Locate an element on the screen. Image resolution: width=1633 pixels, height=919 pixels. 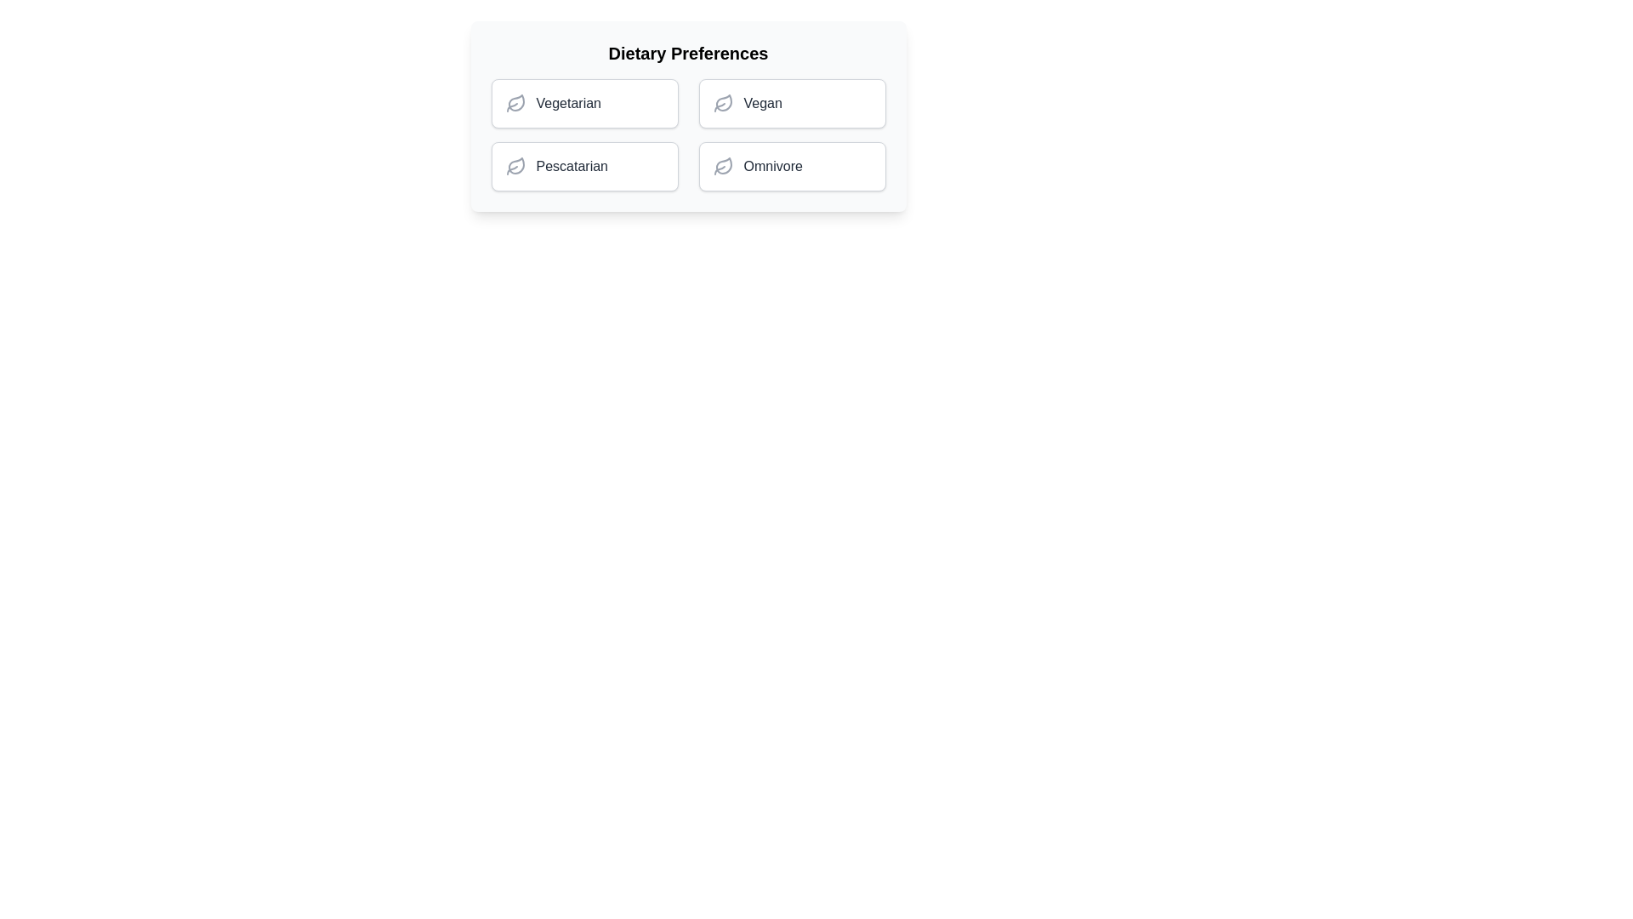
the stylized leaf-like icon located under the 'Dietary Preferences' section labeled 'Omnivore' is located at coordinates (723, 166).